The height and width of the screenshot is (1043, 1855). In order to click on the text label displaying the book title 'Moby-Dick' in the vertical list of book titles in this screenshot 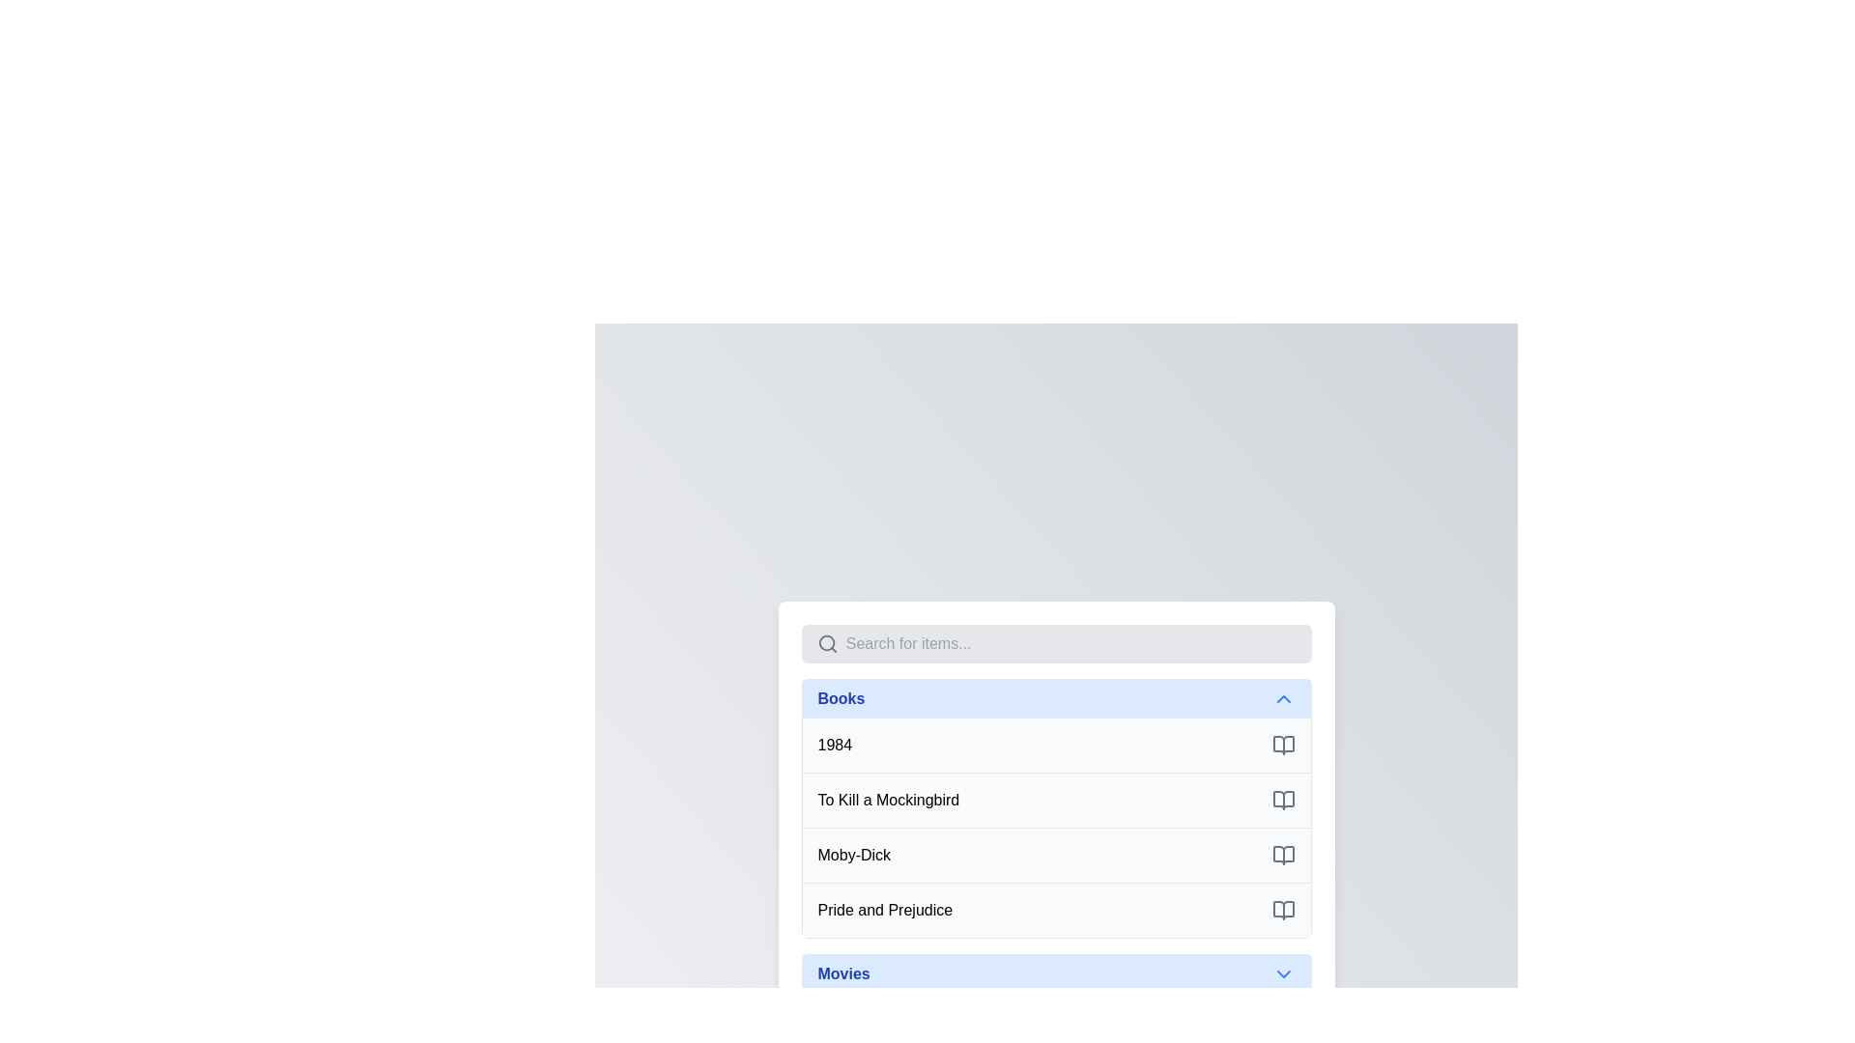, I will do `click(853, 854)`.